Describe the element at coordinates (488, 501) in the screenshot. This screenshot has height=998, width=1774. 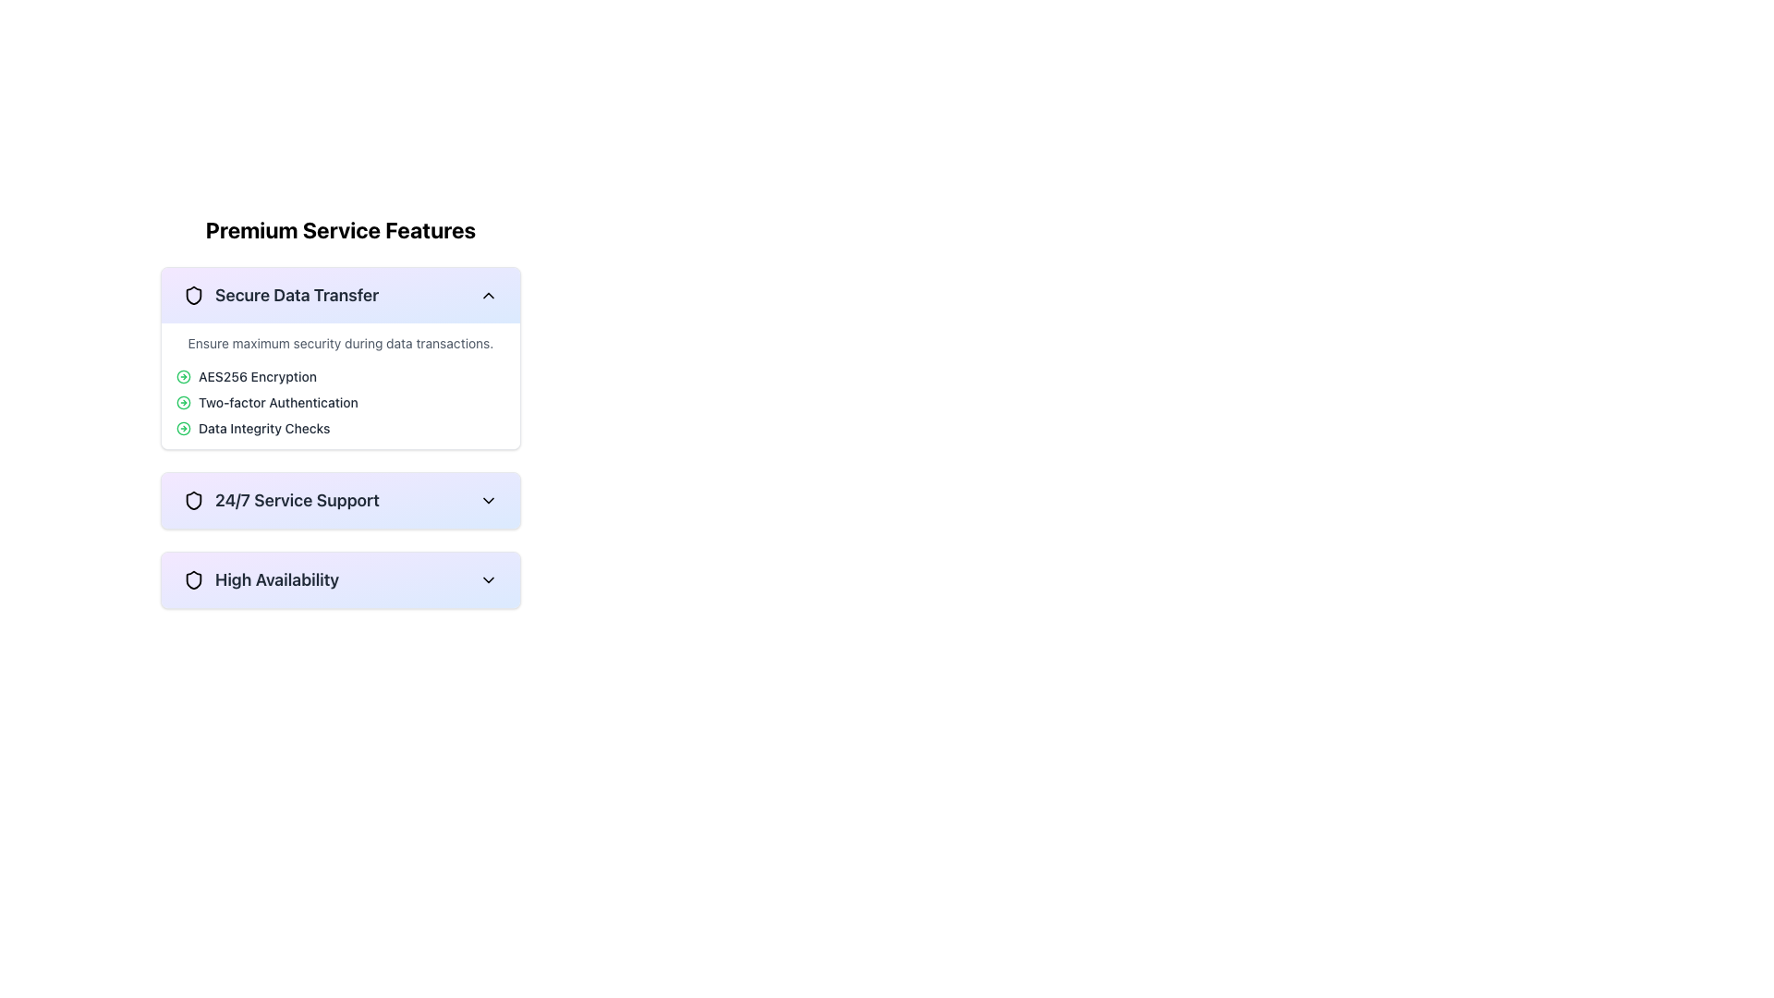
I see `the downward-pointing chevron icon located at the far right of the '24/7 Service Support' text` at that location.